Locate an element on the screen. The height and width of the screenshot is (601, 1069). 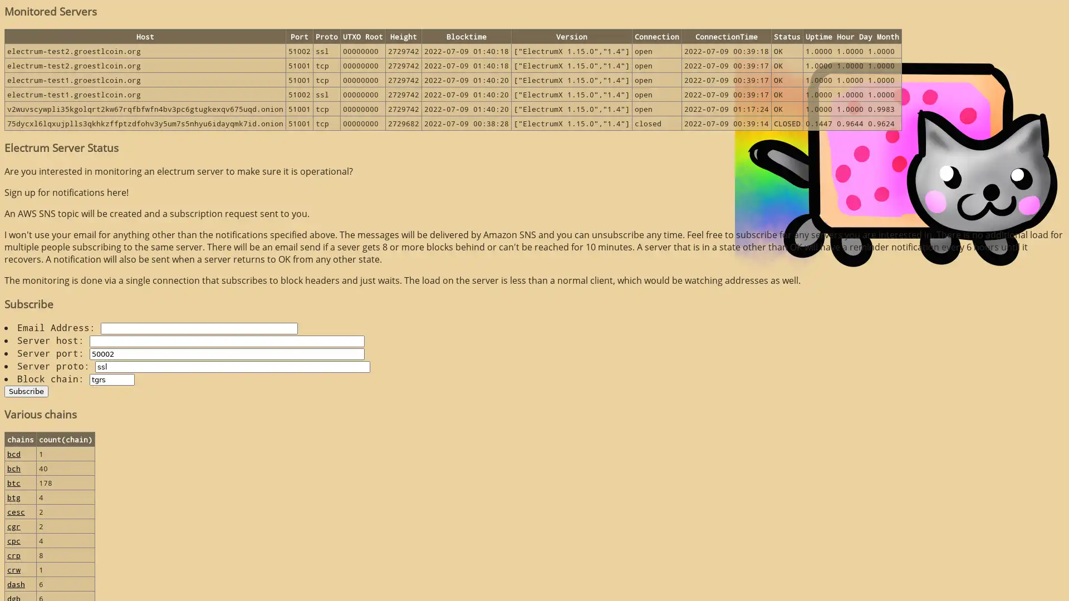
Subscribe is located at coordinates (26, 390).